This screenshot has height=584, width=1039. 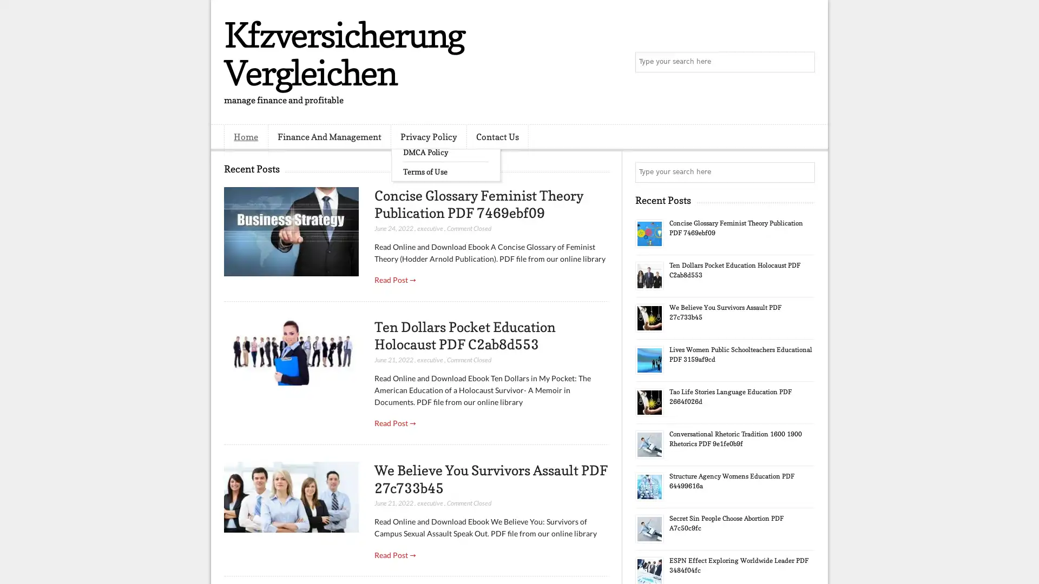 I want to click on Search, so click(x=804, y=172).